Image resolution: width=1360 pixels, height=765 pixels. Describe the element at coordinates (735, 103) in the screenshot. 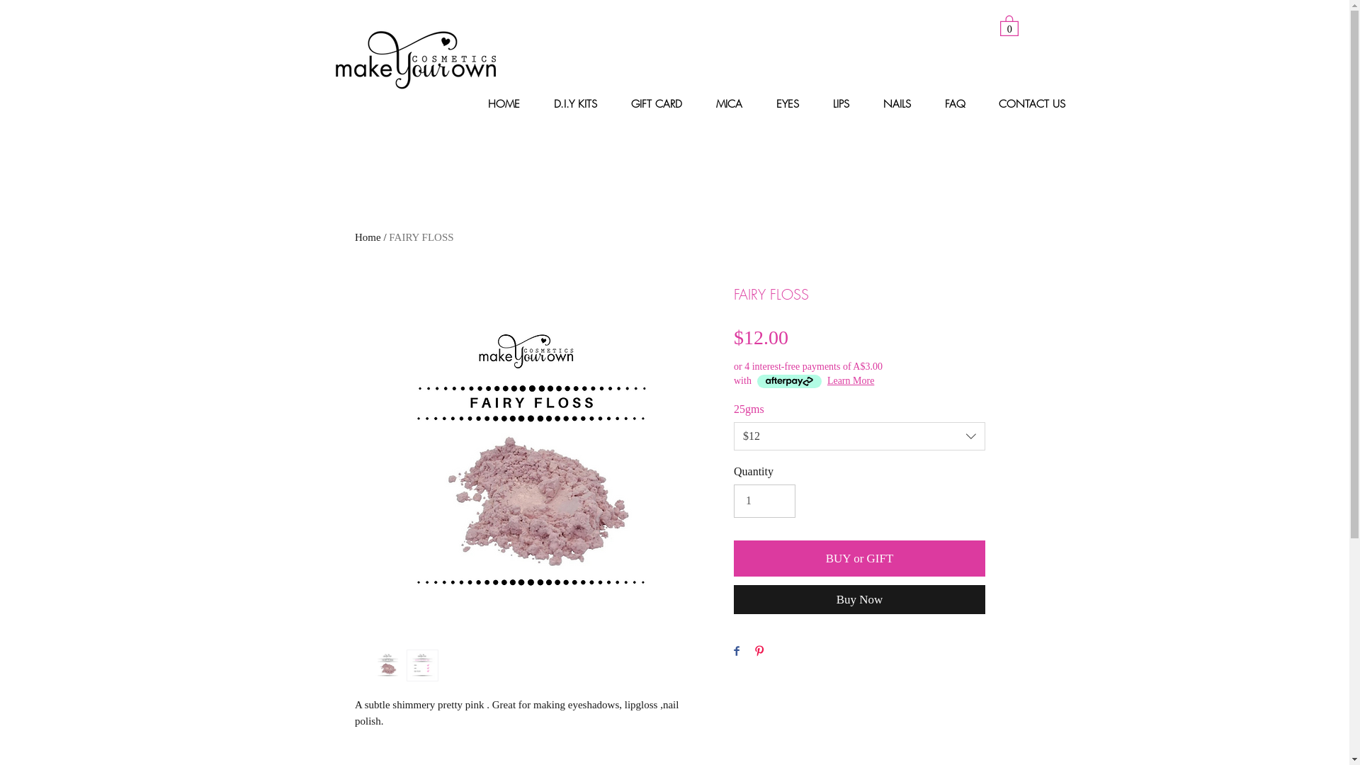

I see `'MICA'` at that location.